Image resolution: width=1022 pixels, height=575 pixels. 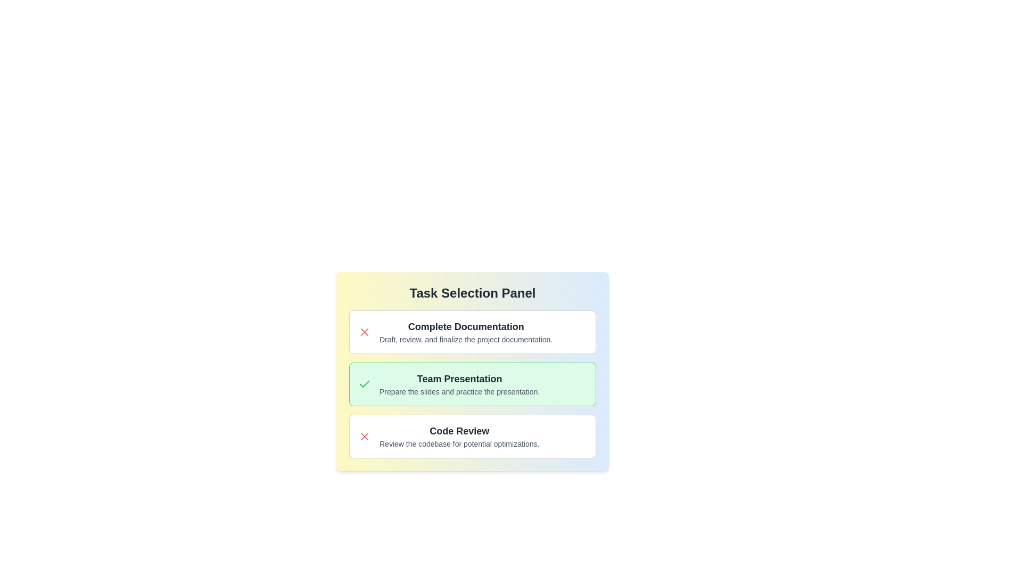 What do you see at coordinates (472, 384) in the screenshot?
I see `the second card in the Task Selection Panel` at bounding box center [472, 384].